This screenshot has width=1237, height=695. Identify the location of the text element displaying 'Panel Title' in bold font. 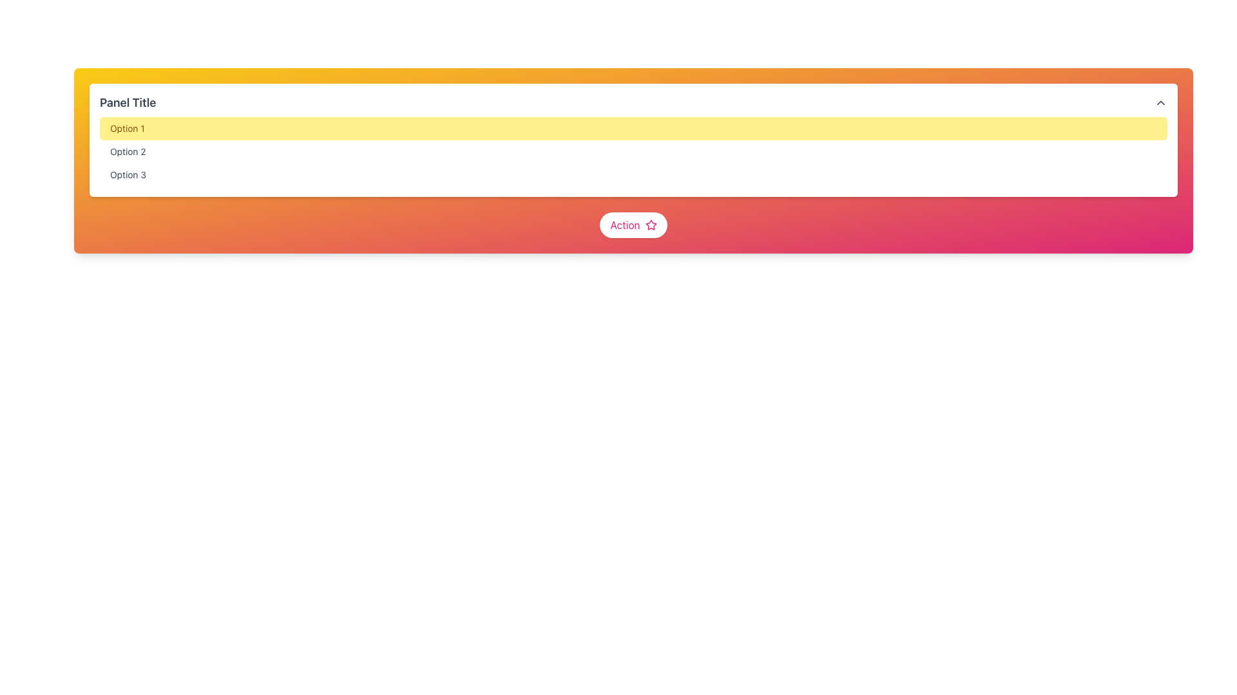
(128, 102).